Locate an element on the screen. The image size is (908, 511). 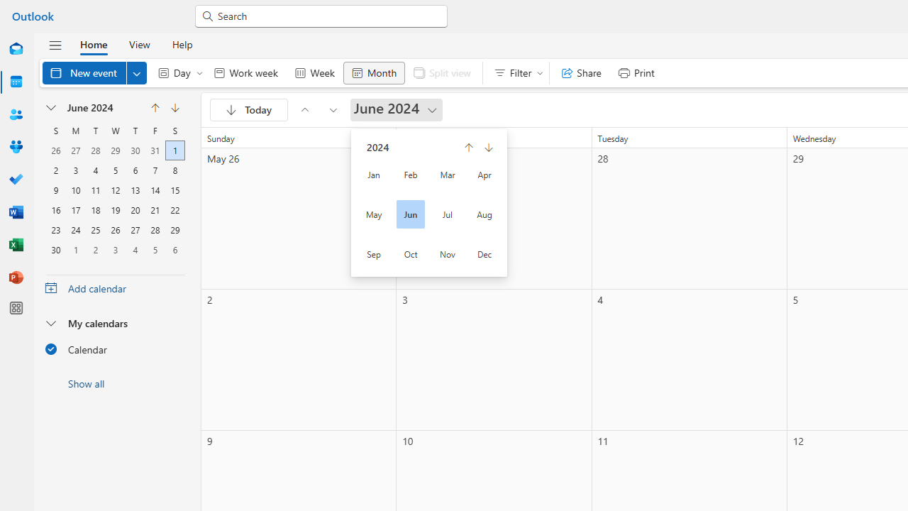
'23, June, 2024' is located at coordinates (55, 228).